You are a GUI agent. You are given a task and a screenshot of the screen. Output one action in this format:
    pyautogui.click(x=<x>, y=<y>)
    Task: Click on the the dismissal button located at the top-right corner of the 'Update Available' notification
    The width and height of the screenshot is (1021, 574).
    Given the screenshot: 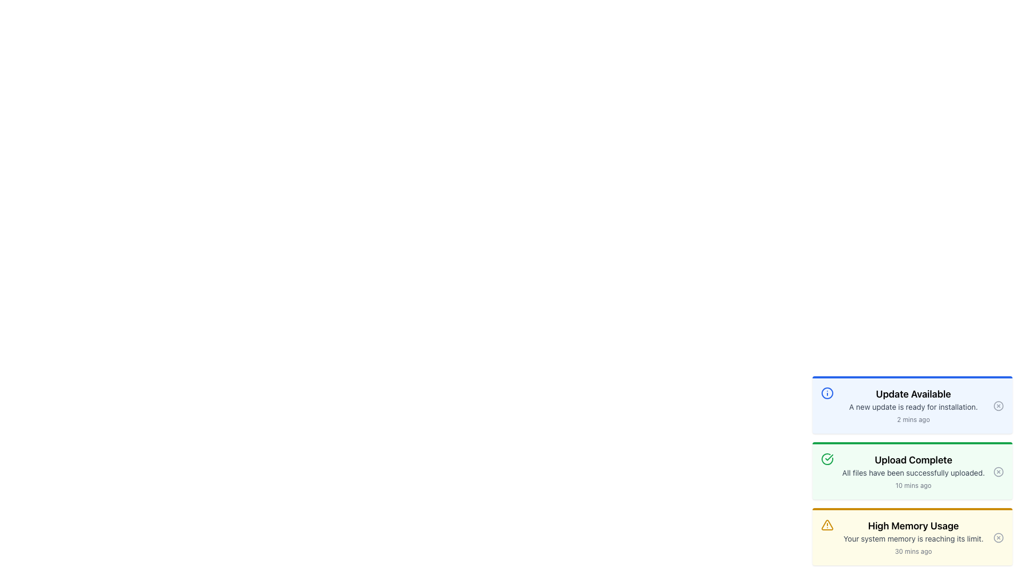 What is the action you would take?
    pyautogui.click(x=998, y=406)
    